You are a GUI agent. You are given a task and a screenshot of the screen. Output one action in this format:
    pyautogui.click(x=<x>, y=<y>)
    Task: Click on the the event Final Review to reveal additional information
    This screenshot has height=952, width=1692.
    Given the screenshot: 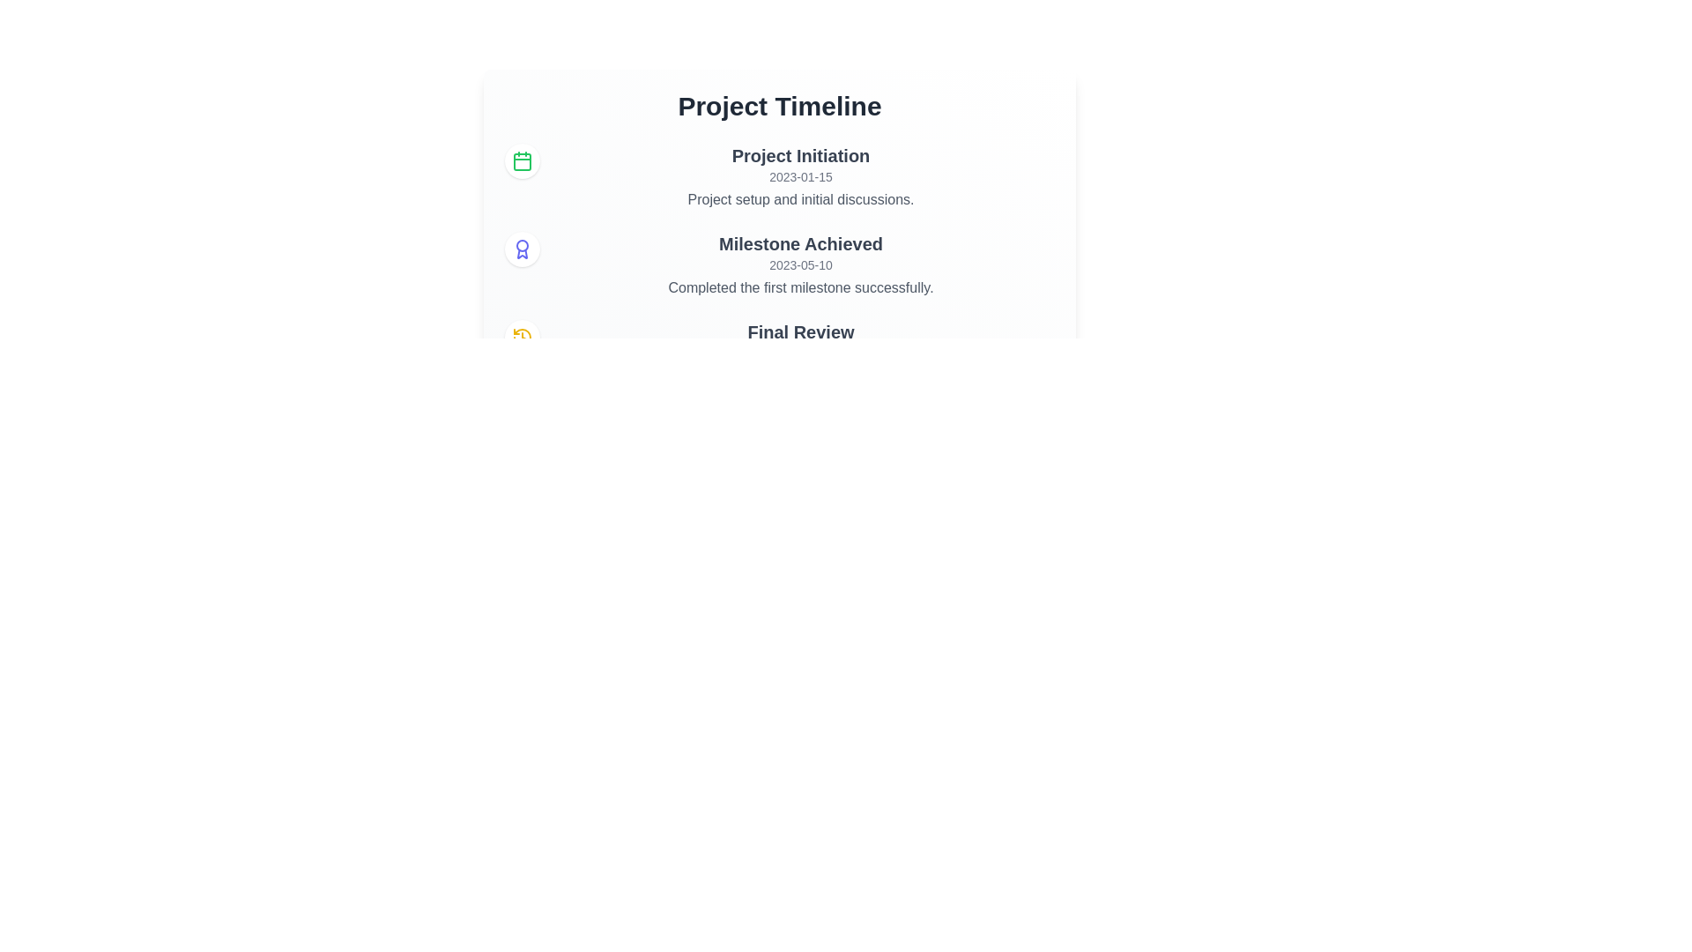 What is the action you would take?
    pyautogui.click(x=522, y=337)
    